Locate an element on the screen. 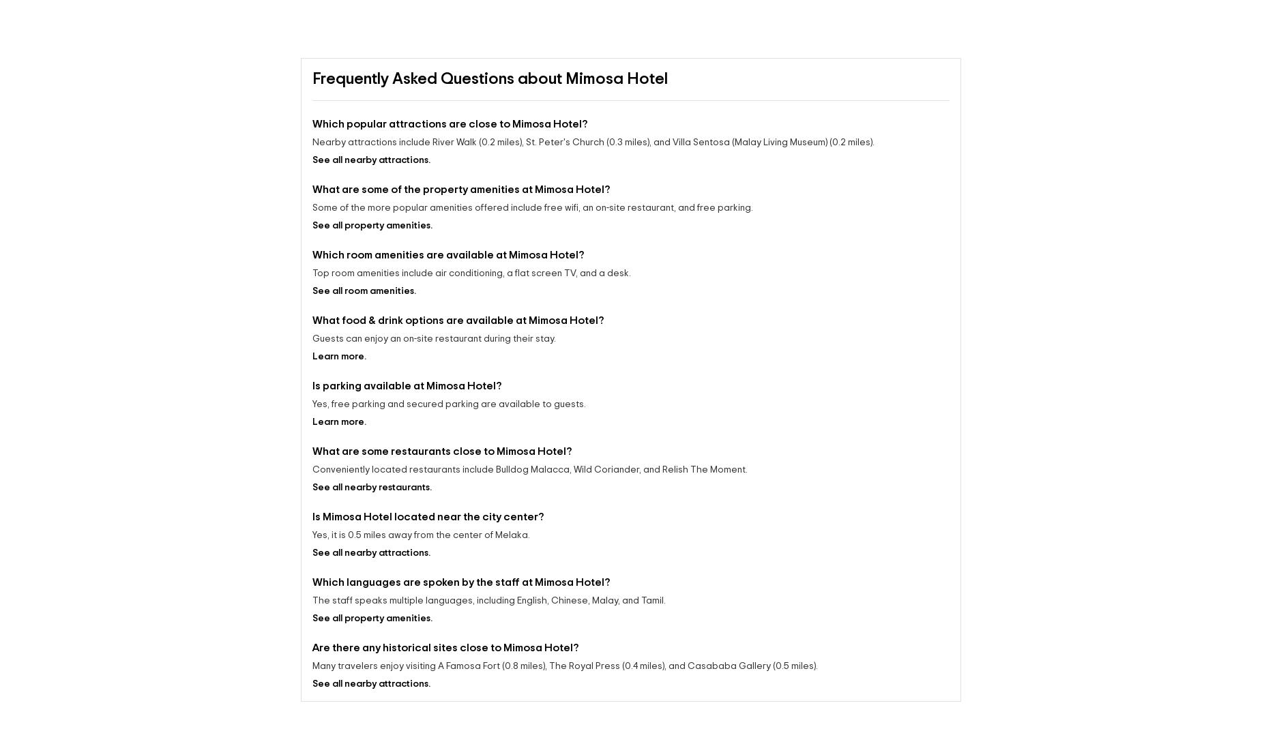 The height and width of the screenshot is (729, 1262). 'See all room amenities.' is located at coordinates (364, 290).